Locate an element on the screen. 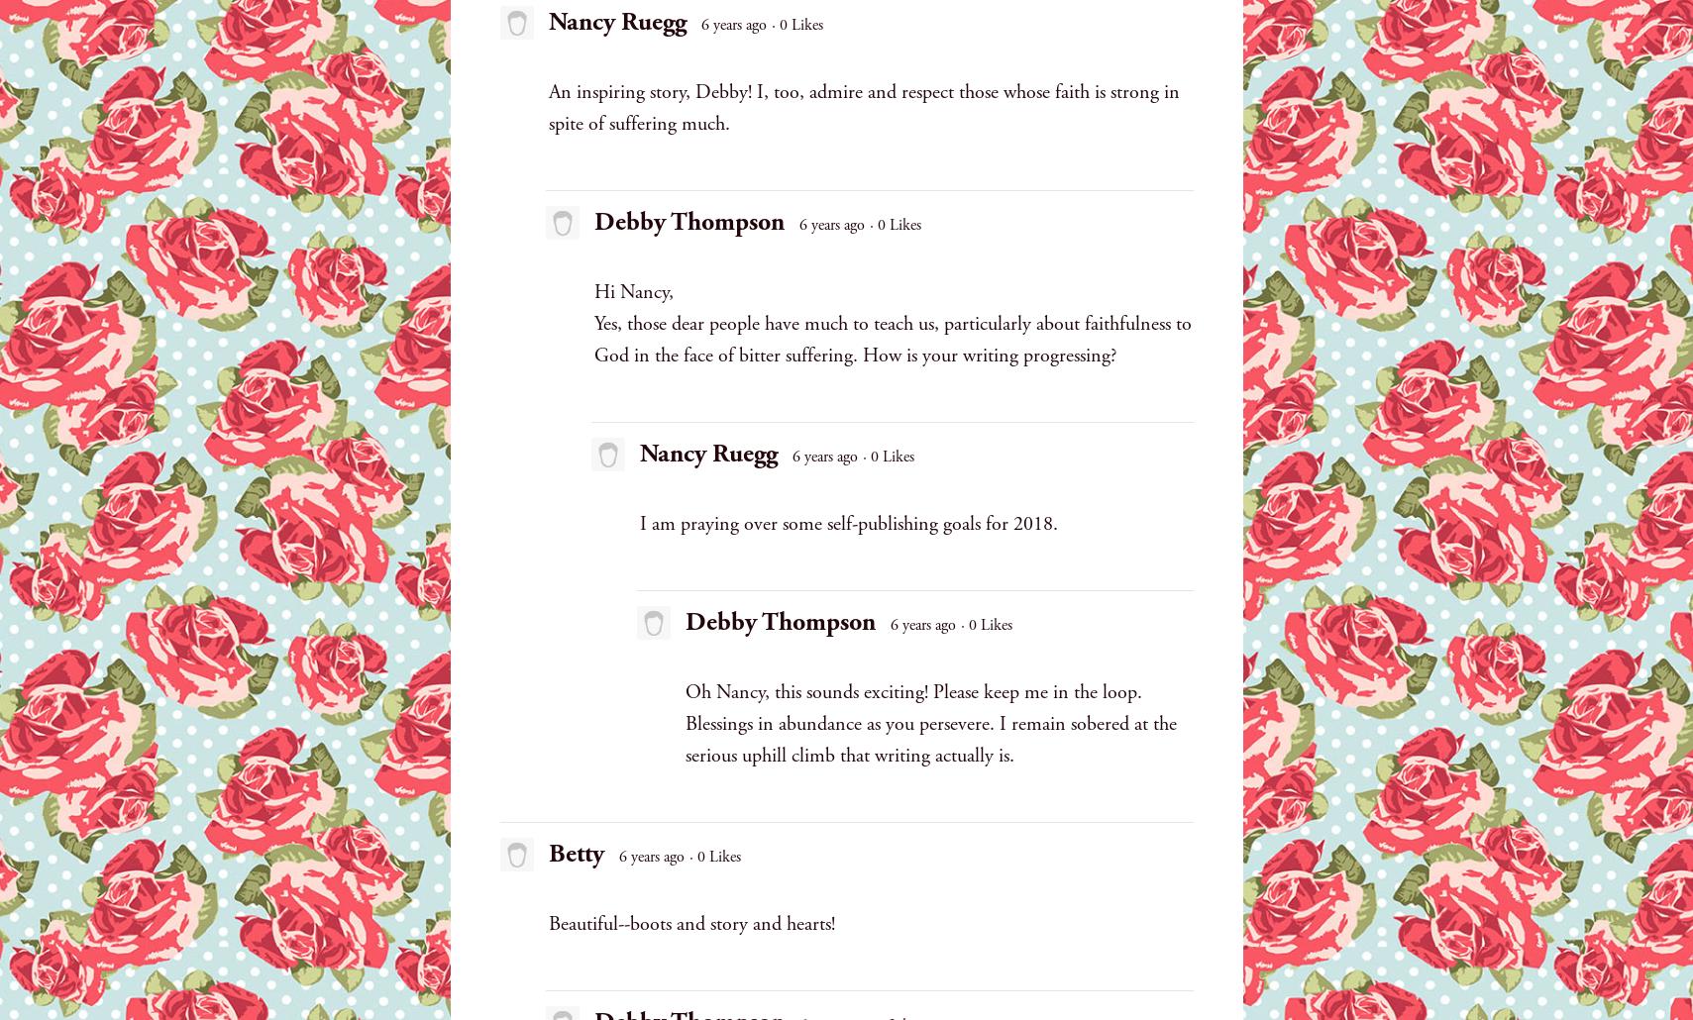 The width and height of the screenshot is (1693, 1020). 'I am praying over some self-publishing goals for 2018.' is located at coordinates (848, 523).